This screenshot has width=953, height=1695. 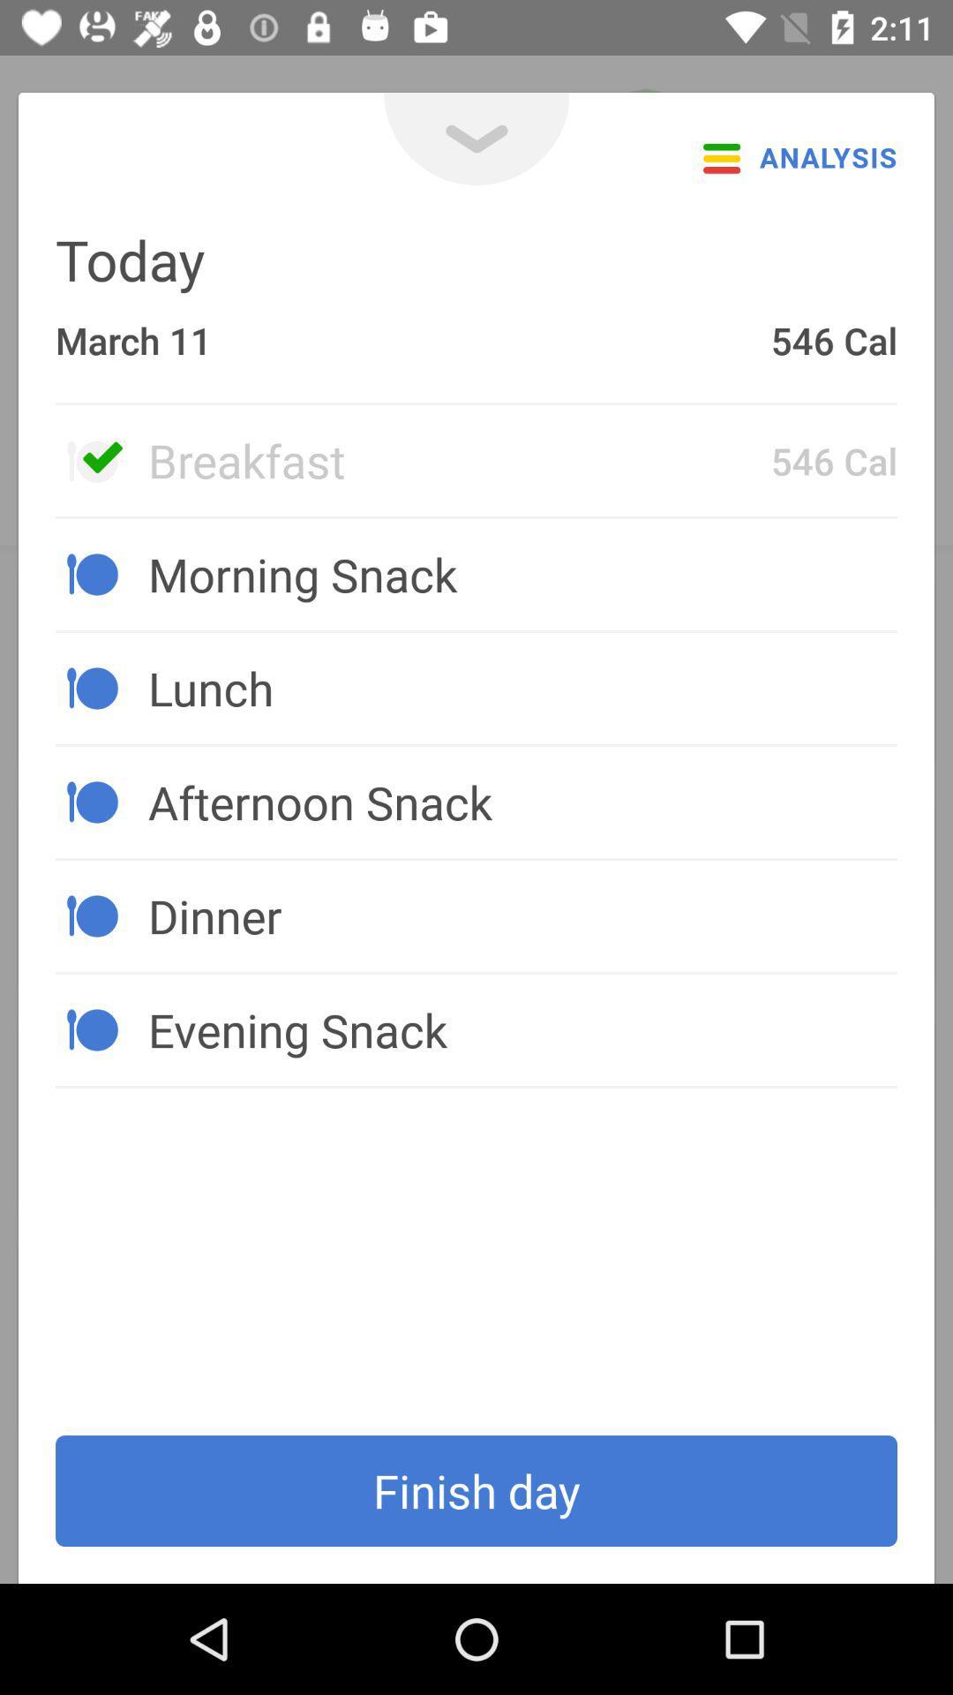 What do you see at coordinates (522, 687) in the screenshot?
I see `lunch item` at bounding box center [522, 687].